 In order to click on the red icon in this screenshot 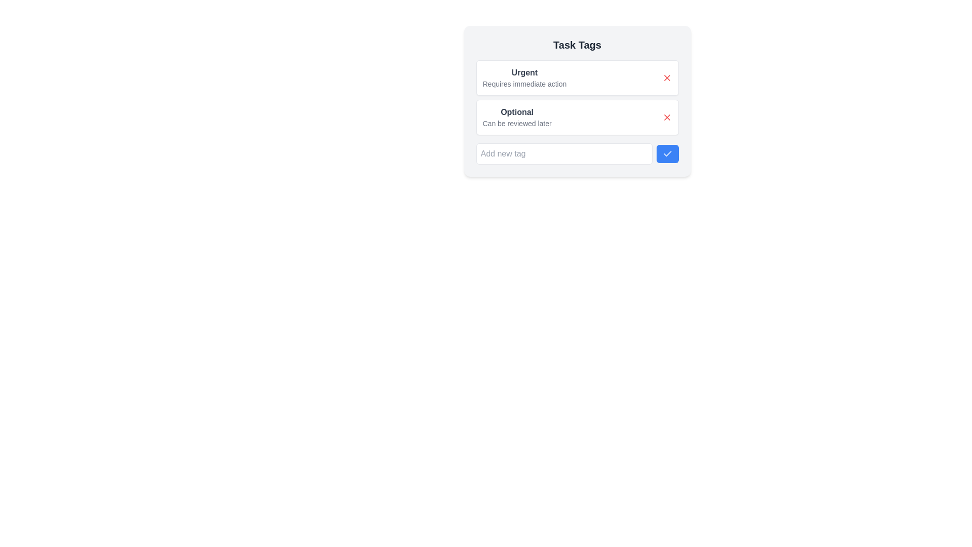, I will do `click(577, 97)`.